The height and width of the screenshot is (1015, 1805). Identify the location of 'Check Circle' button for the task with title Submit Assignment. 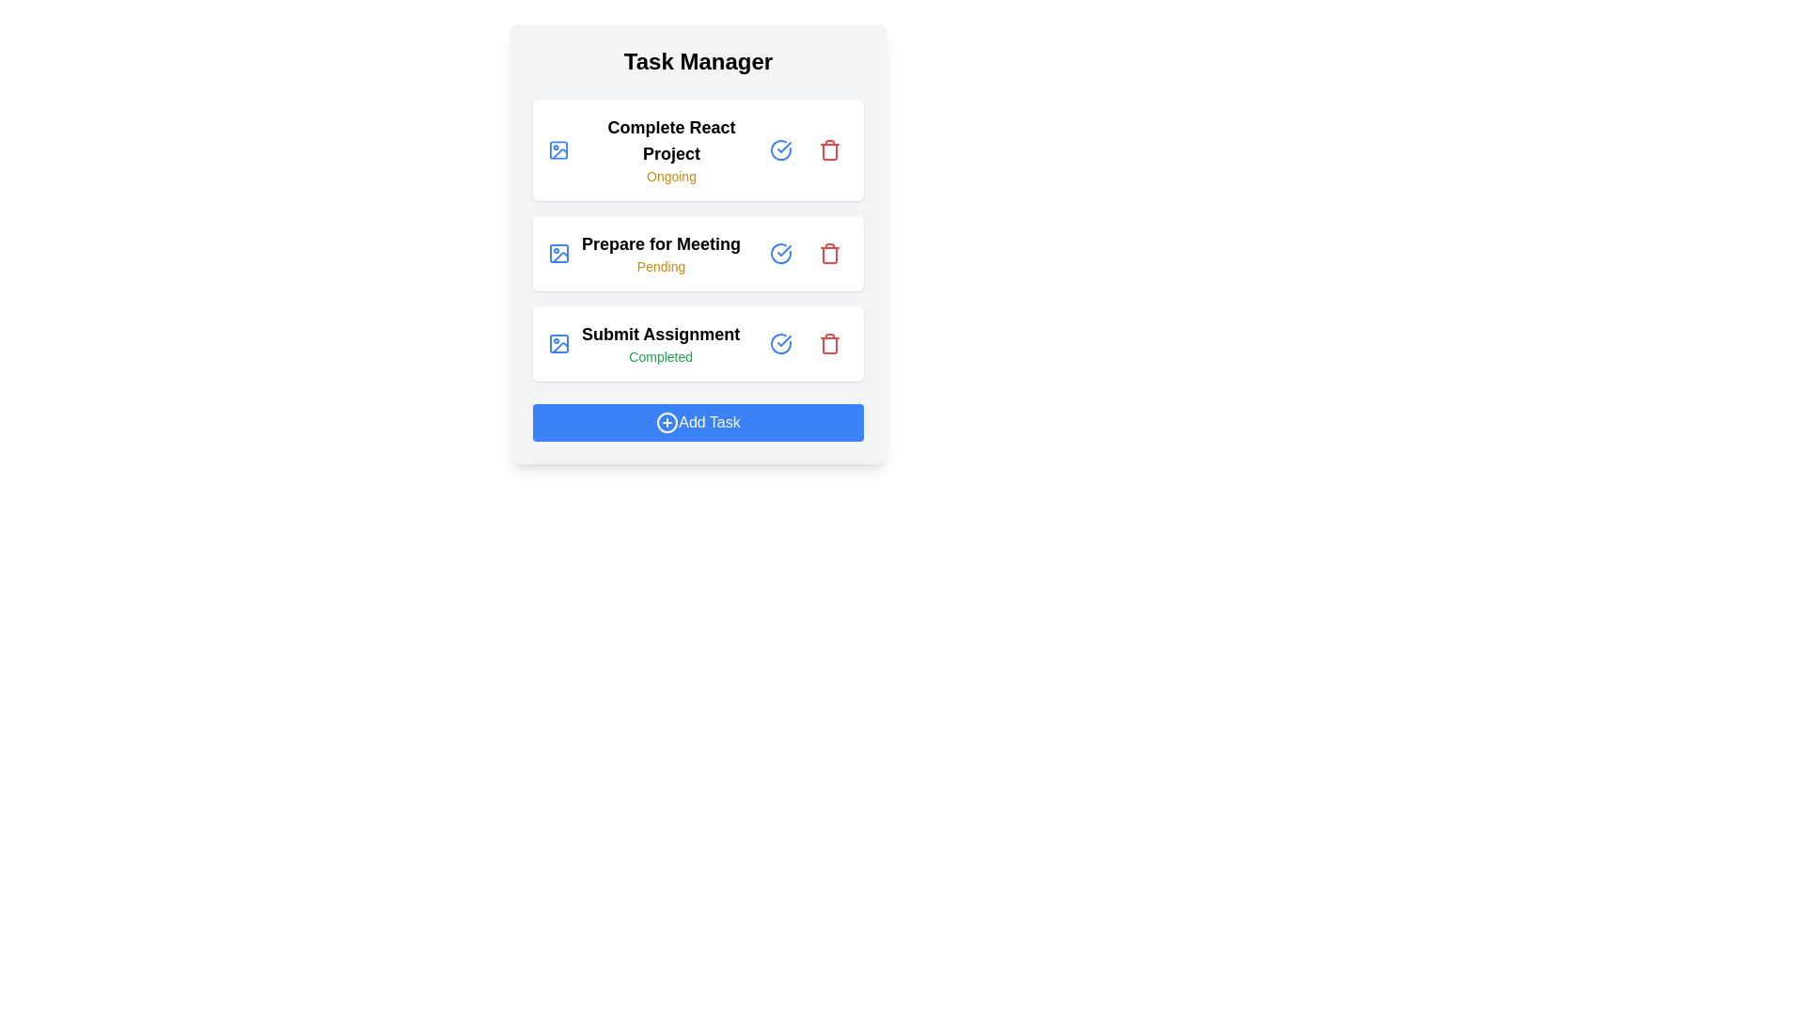
(780, 344).